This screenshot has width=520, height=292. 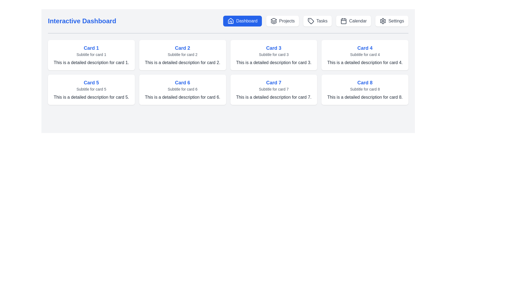 What do you see at coordinates (365, 89) in the screenshot?
I see `the Card component titled 'Card 8' located in the bottom-right corner of the grid` at bounding box center [365, 89].